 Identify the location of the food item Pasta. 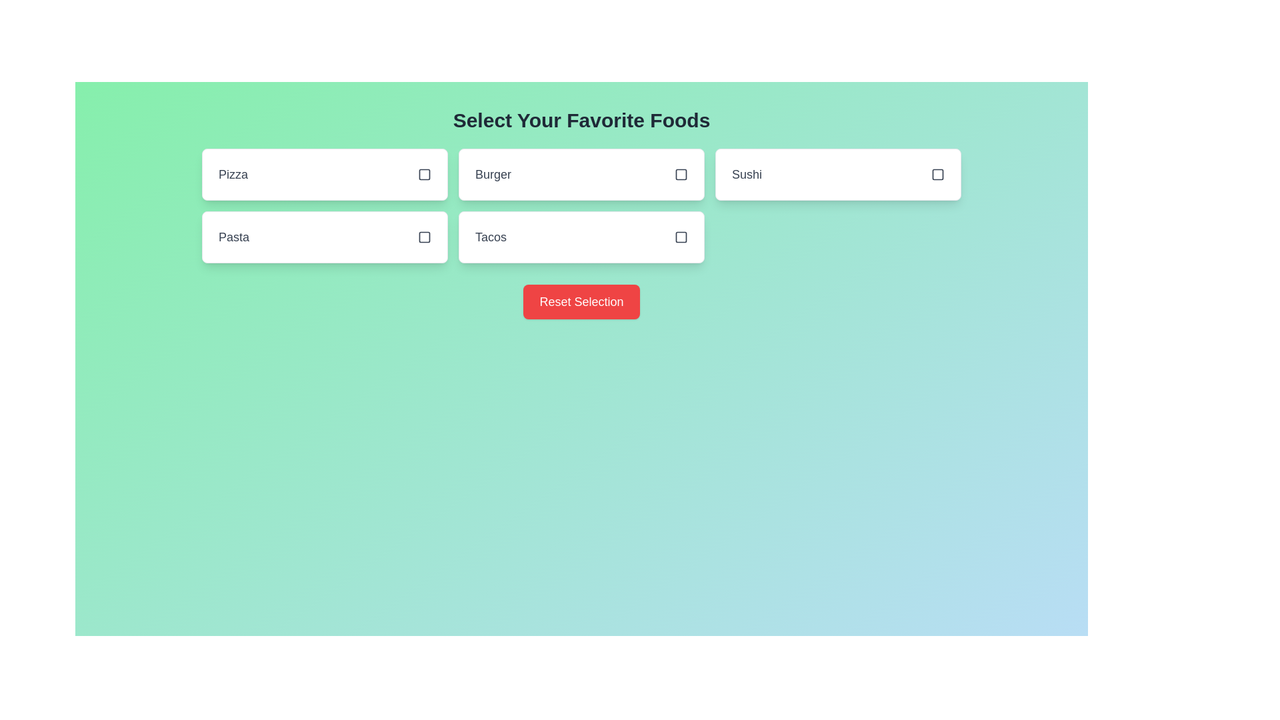
(324, 236).